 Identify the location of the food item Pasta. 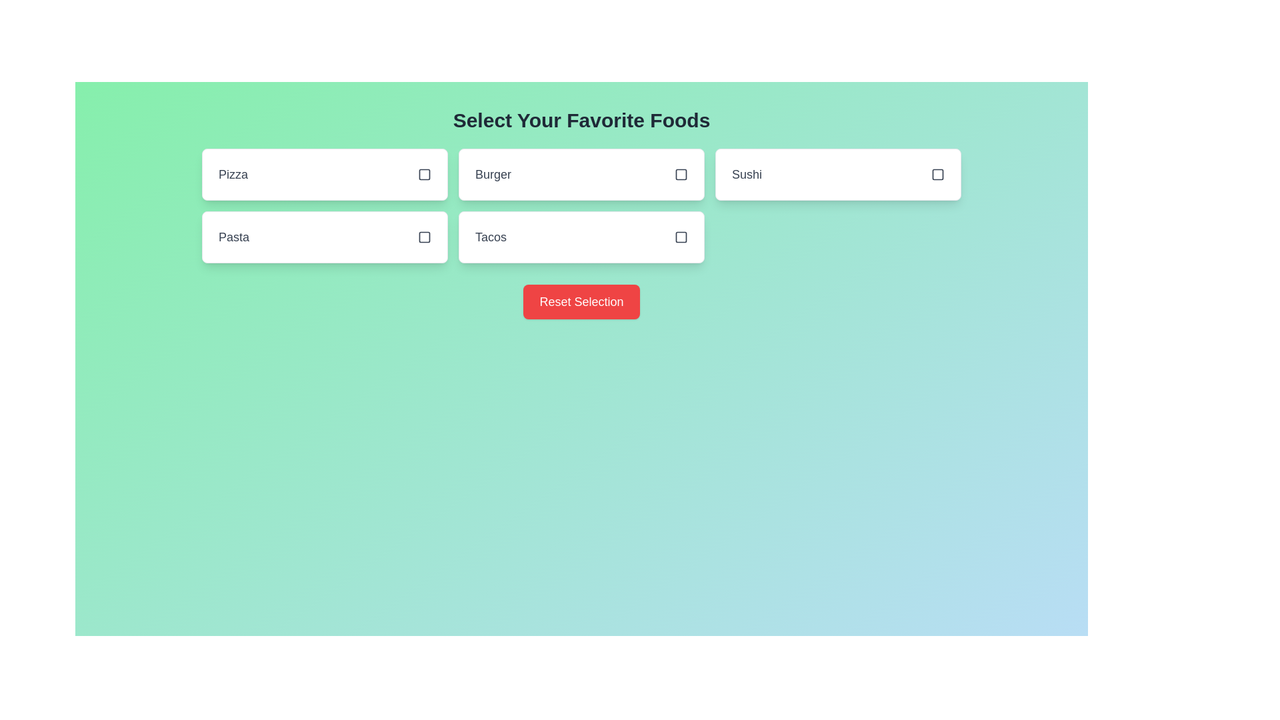
(324, 236).